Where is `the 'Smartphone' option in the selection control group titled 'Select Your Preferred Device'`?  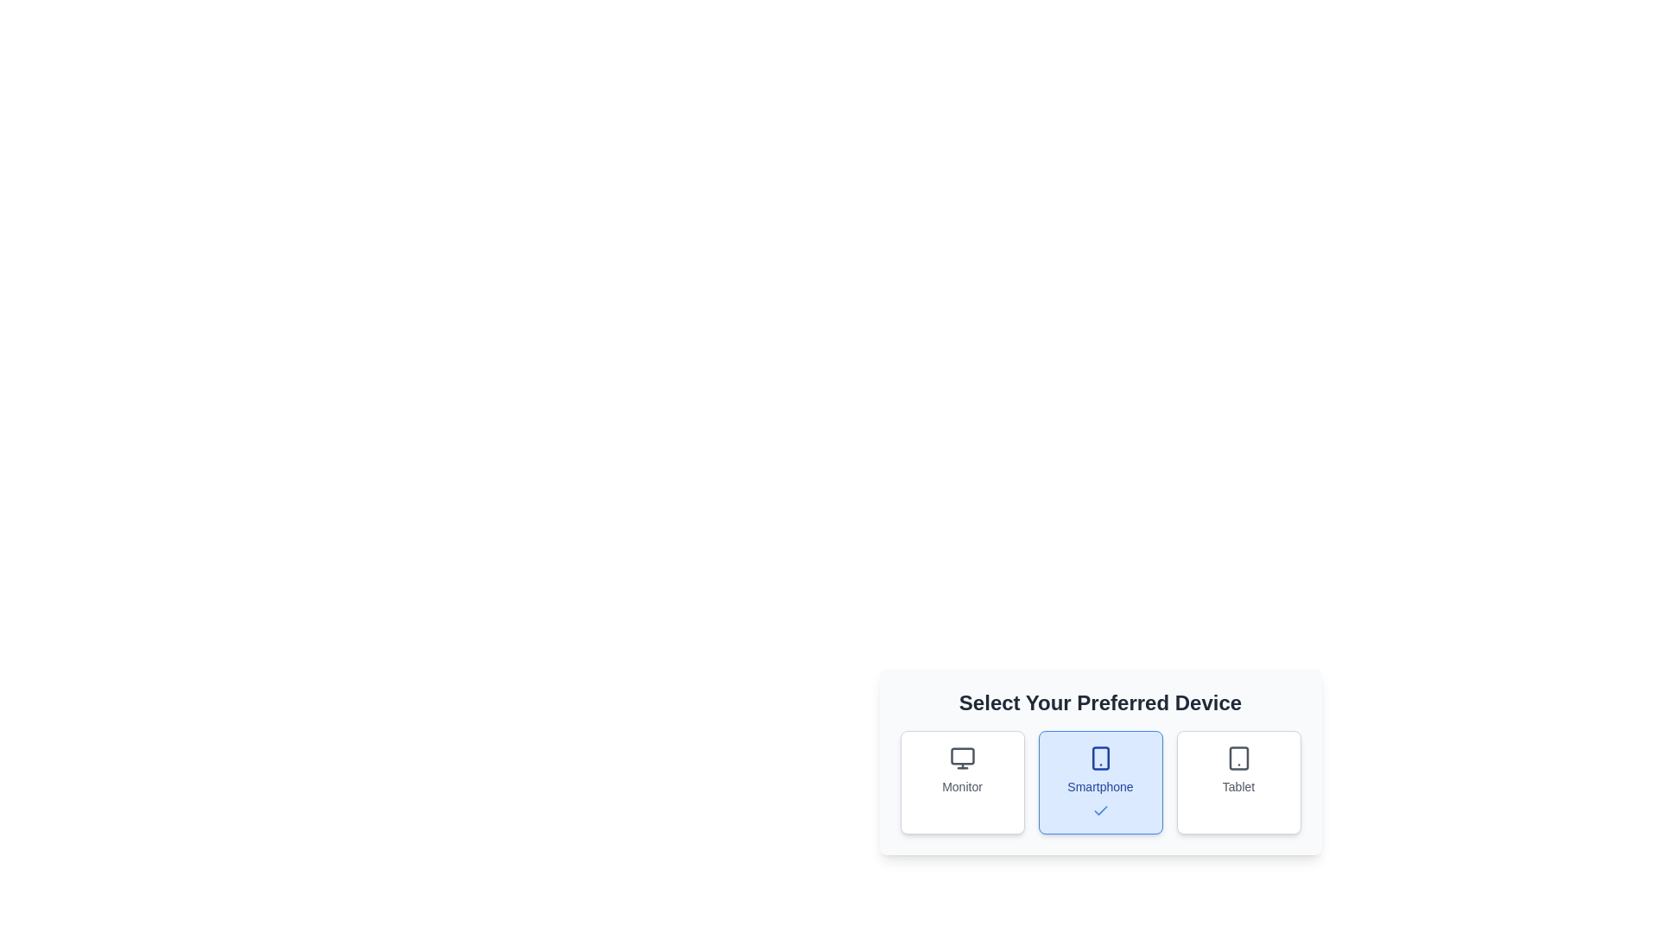
the 'Smartphone' option in the selection control group titled 'Select Your Preferred Device' is located at coordinates (1099, 786).